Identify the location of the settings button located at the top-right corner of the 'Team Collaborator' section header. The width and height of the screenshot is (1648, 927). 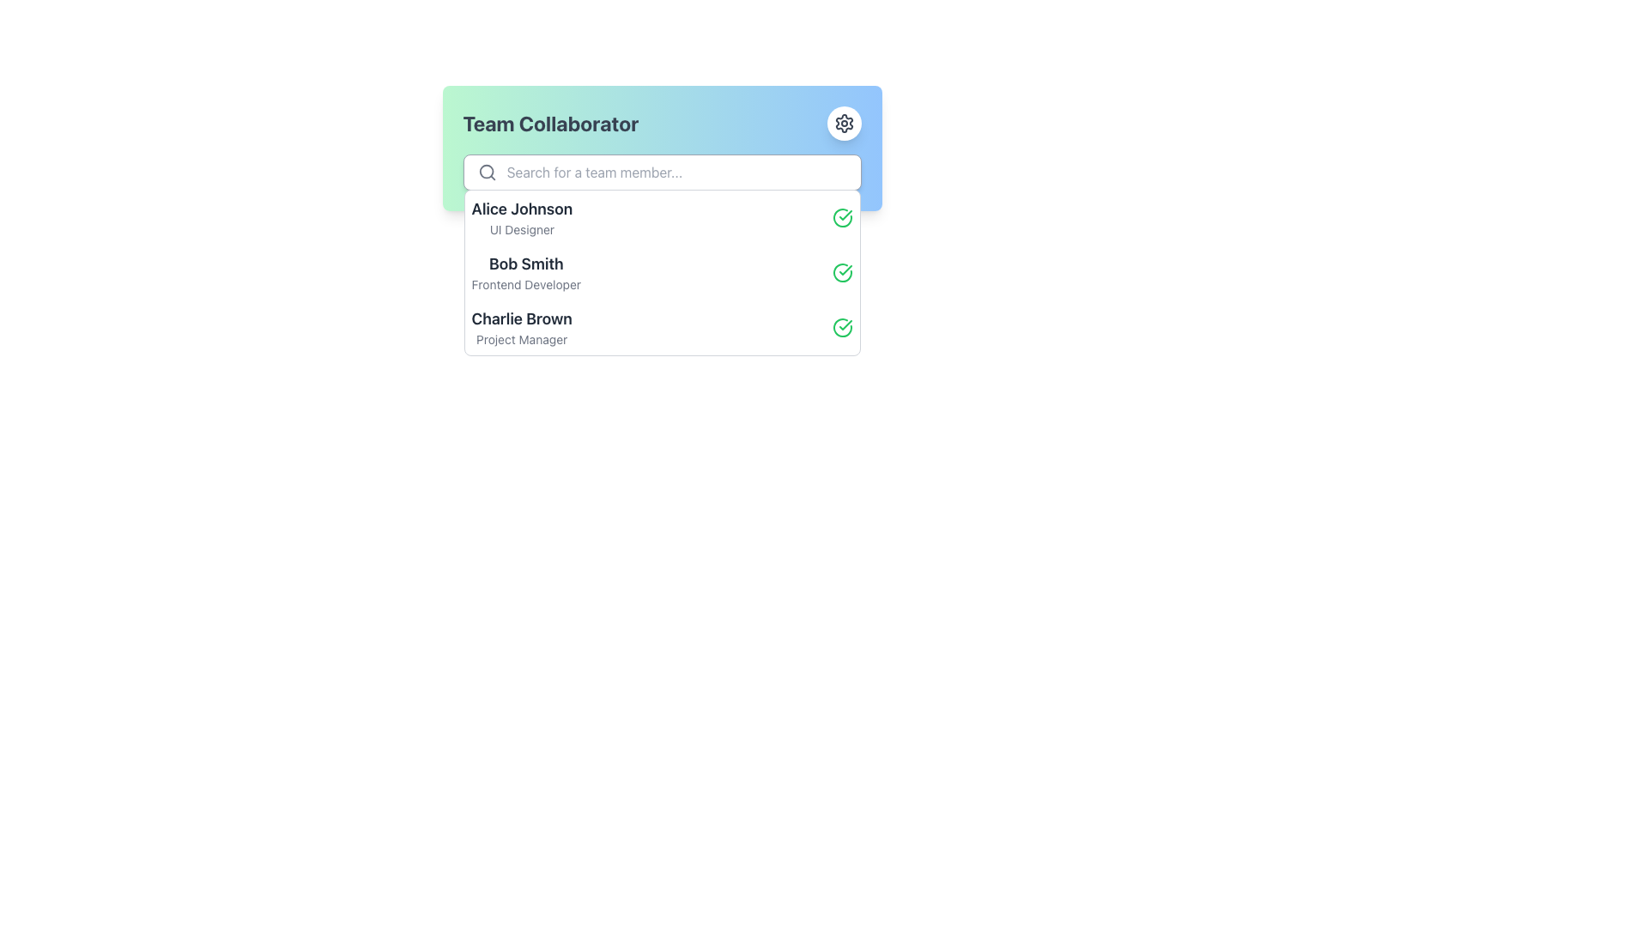
(844, 122).